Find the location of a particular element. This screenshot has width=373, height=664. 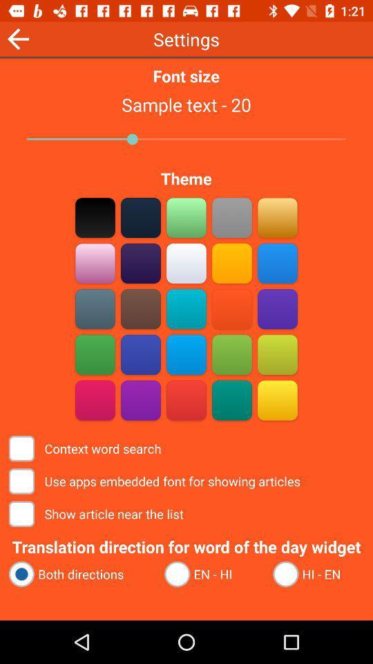

theme colour is located at coordinates (140, 308).